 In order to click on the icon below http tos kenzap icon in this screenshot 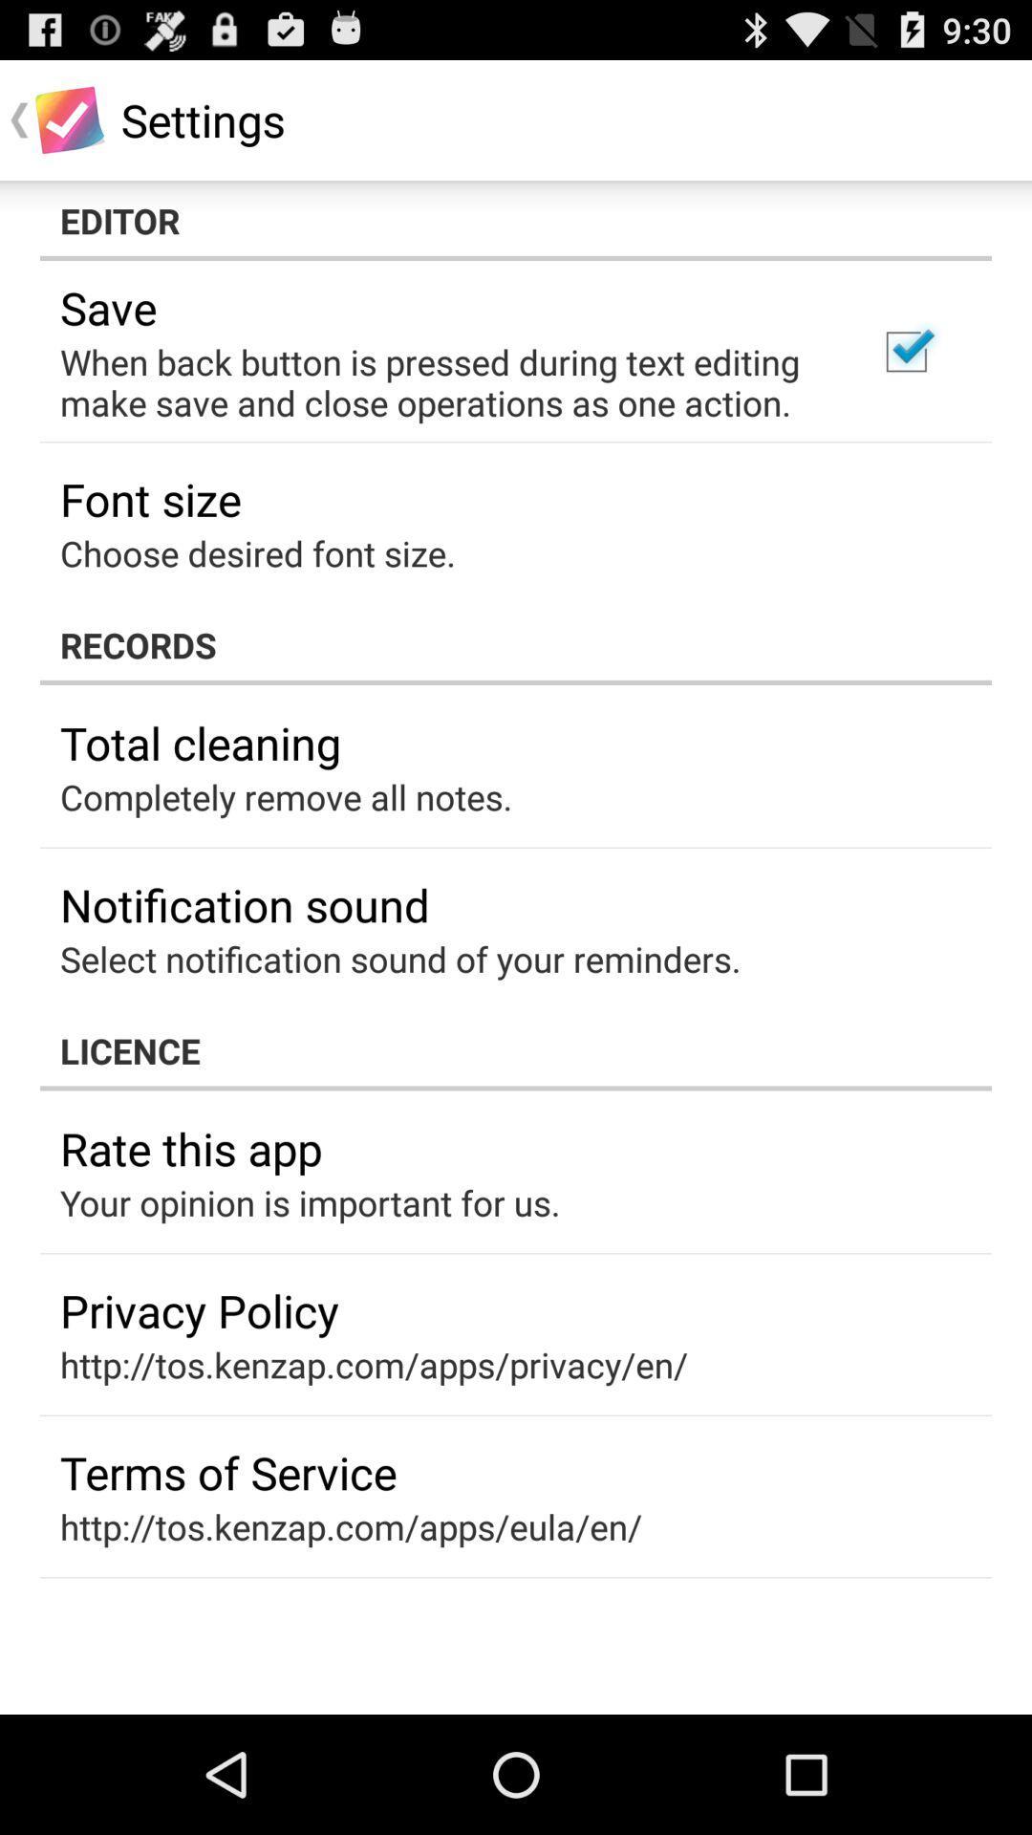, I will do `click(227, 1471)`.